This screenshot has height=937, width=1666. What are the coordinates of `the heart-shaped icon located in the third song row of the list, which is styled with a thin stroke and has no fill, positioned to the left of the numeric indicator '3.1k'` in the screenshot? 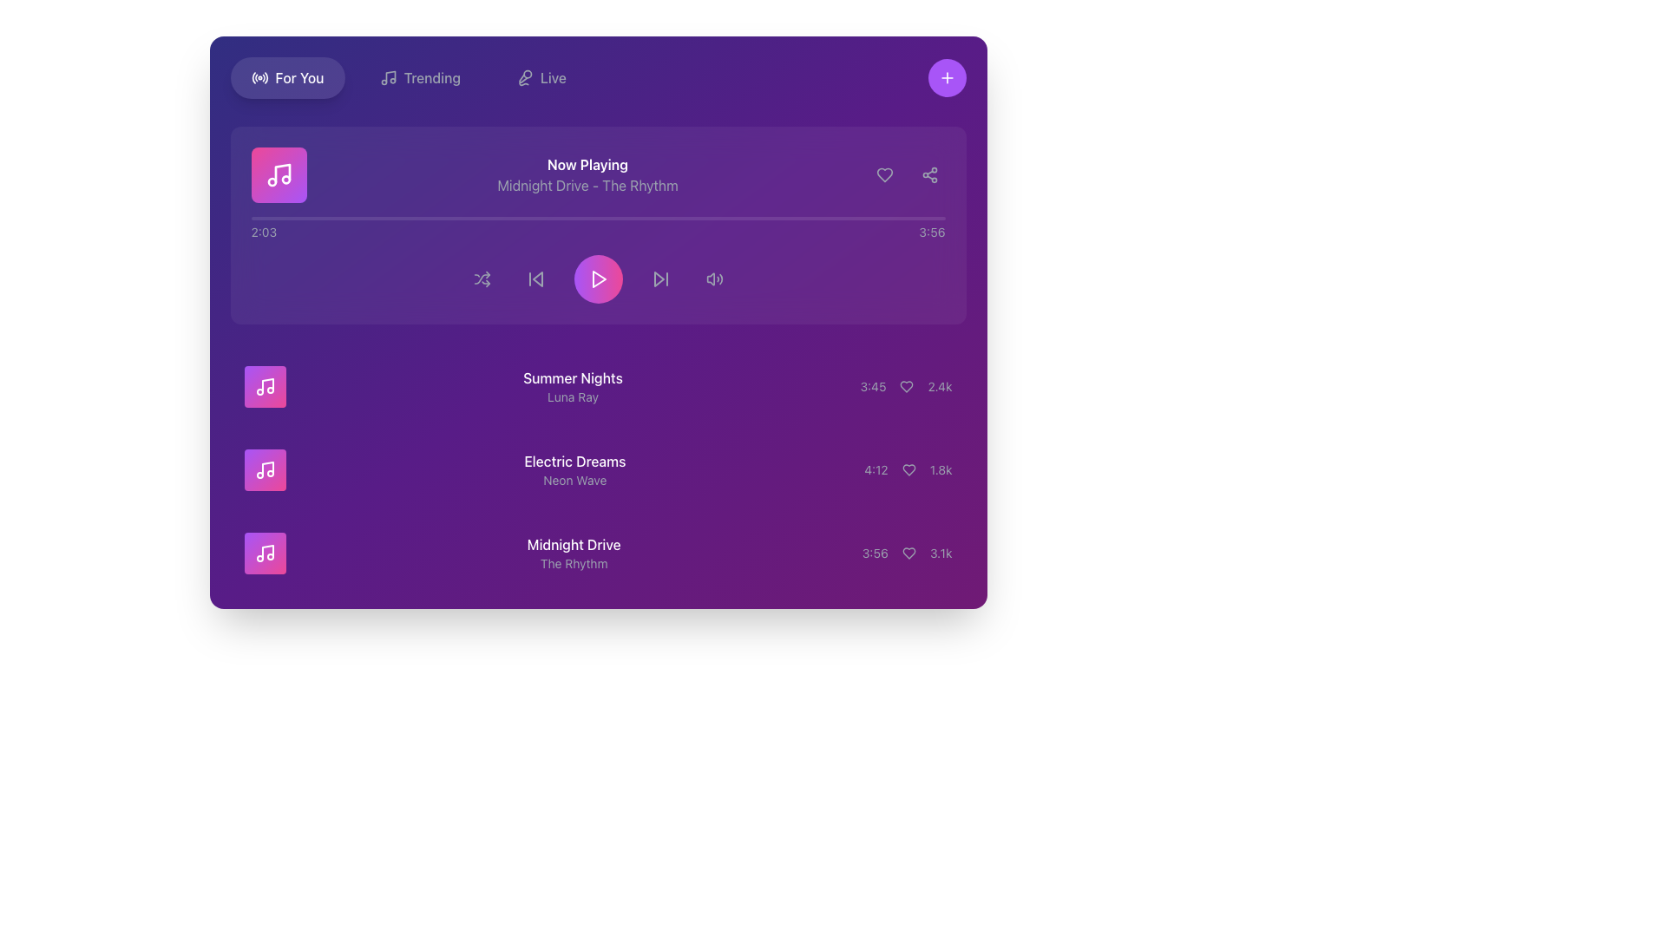 It's located at (908, 553).